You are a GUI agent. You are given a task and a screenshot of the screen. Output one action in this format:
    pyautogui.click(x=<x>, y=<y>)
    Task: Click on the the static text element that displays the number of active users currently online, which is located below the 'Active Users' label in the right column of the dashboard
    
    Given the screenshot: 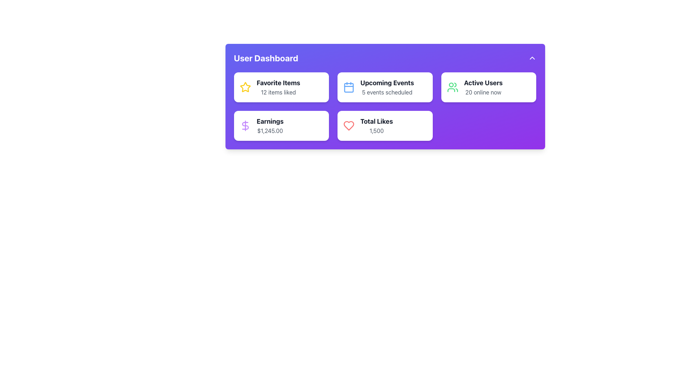 What is the action you would take?
    pyautogui.click(x=483, y=92)
    